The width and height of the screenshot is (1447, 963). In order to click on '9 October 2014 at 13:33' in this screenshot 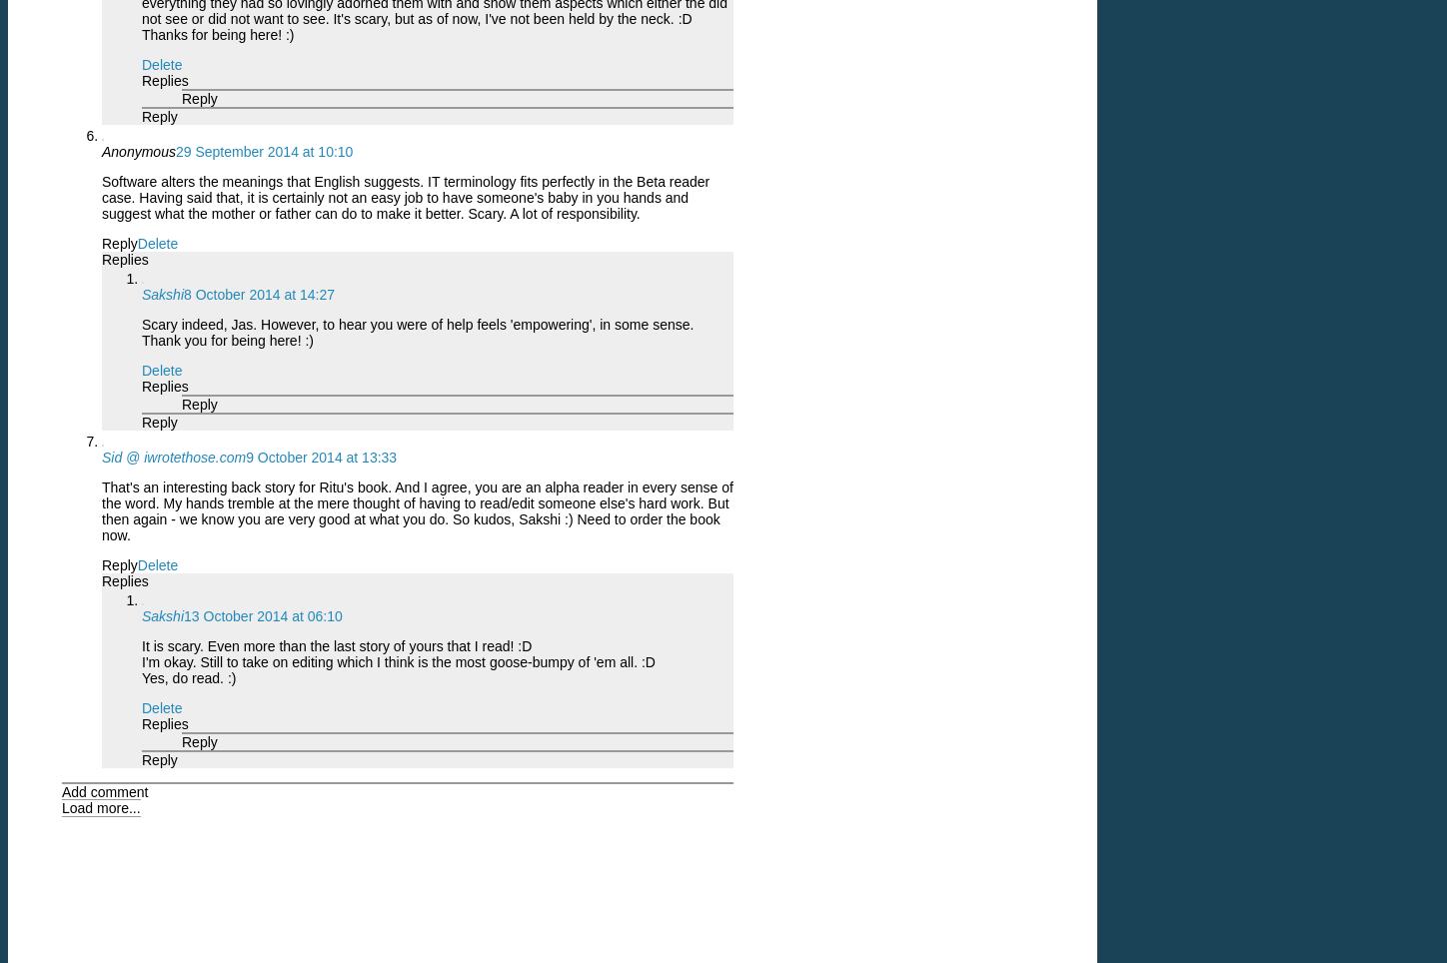, I will do `click(320, 457)`.